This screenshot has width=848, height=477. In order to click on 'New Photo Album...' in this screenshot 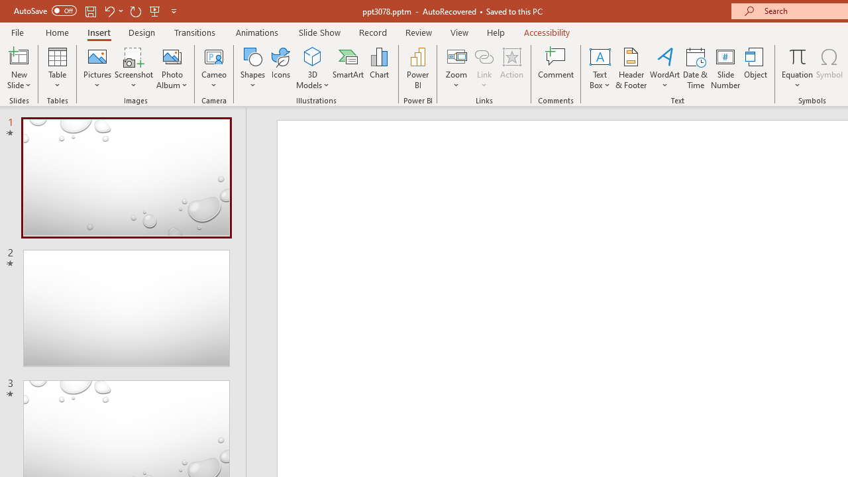, I will do `click(171, 56)`.